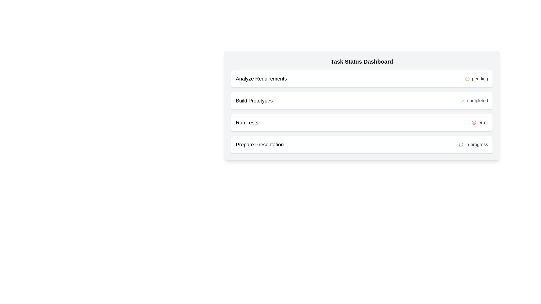 This screenshot has height=304, width=541. I want to click on the red outlined circular part of the error icon next to the 'Run Tests' task, so click(474, 122).